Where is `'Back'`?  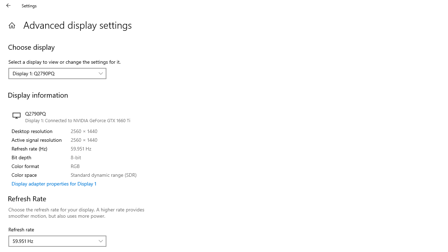 'Back' is located at coordinates (8, 5).